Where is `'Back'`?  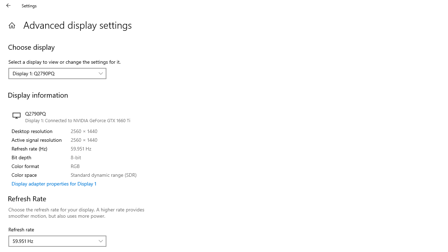 'Back' is located at coordinates (8, 5).